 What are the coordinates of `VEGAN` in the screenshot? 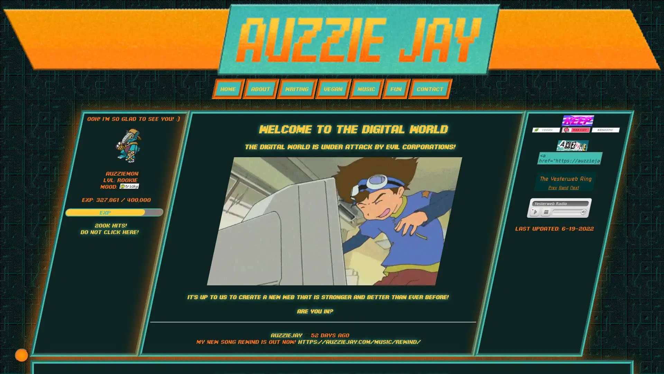 It's located at (333, 88).